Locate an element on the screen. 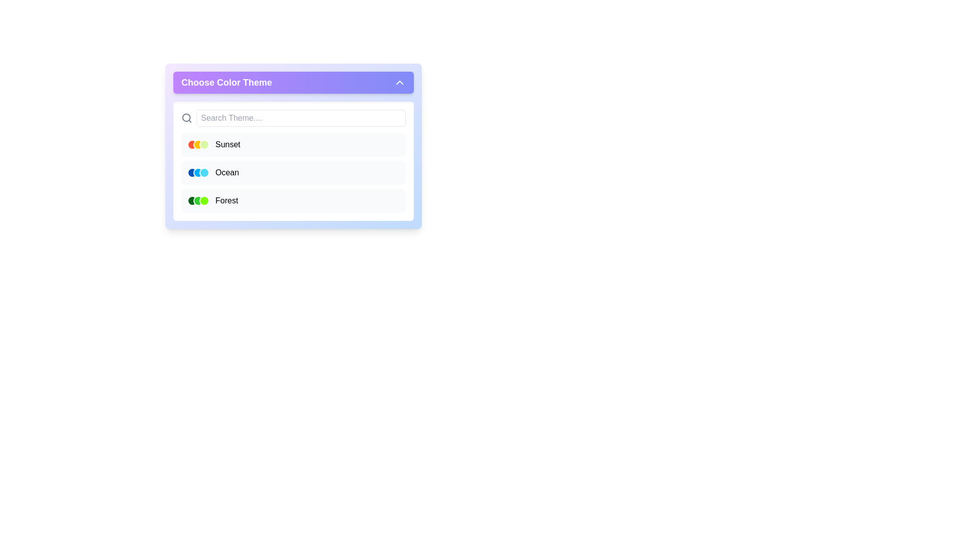 The image size is (962, 541). the leftmost circular button for the 'Ocean' theme is located at coordinates (192, 172).